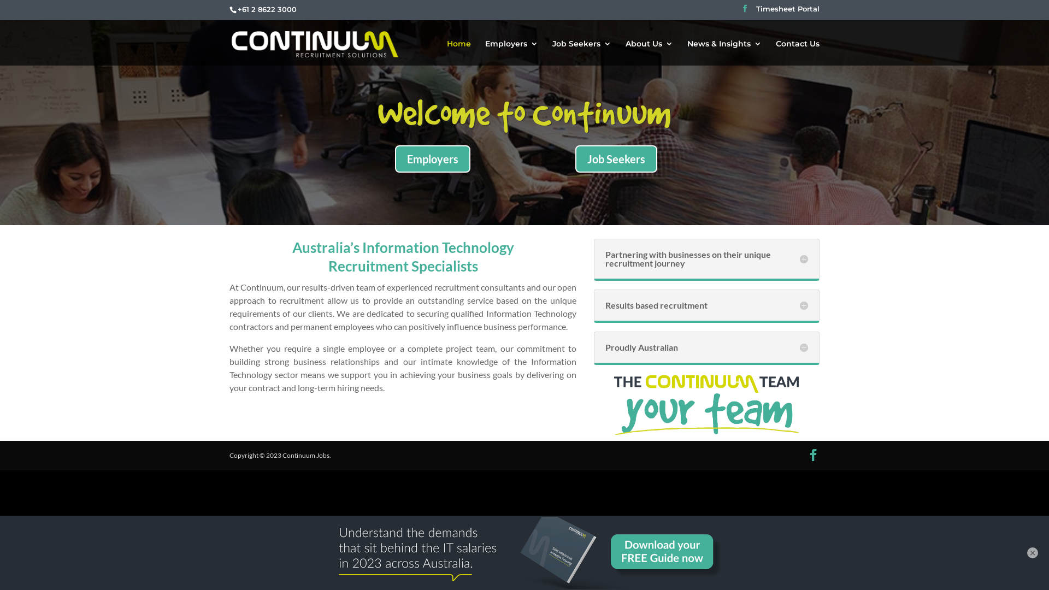 The image size is (1049, 590). I want to click on 'Continuum Tagline 2023_Stacked_Dark Text', so click(706, 404).